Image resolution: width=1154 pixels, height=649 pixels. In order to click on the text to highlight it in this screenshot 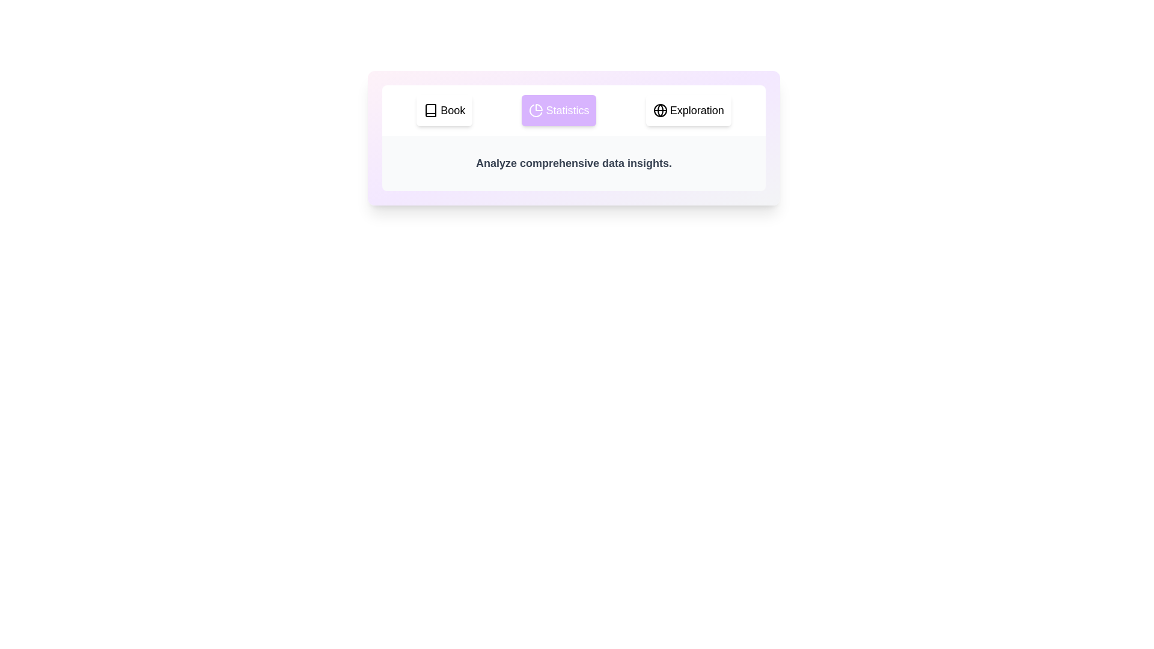, I will do `click(573, 163)`.